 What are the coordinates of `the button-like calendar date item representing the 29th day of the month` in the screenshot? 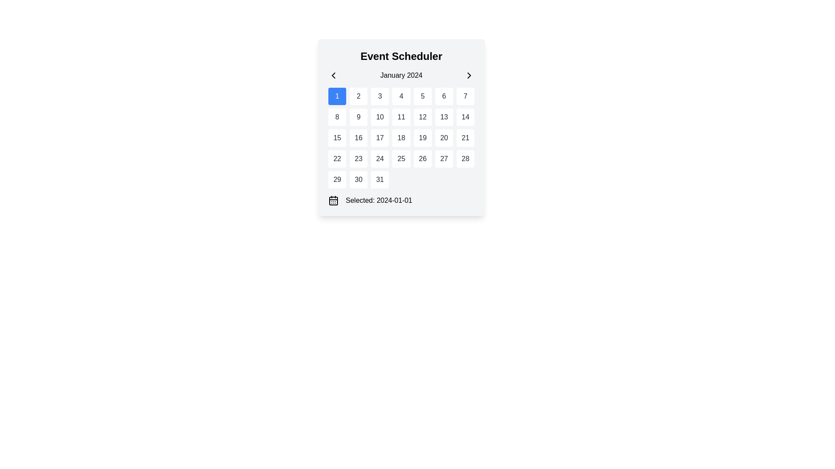 It's located at (337, 179).